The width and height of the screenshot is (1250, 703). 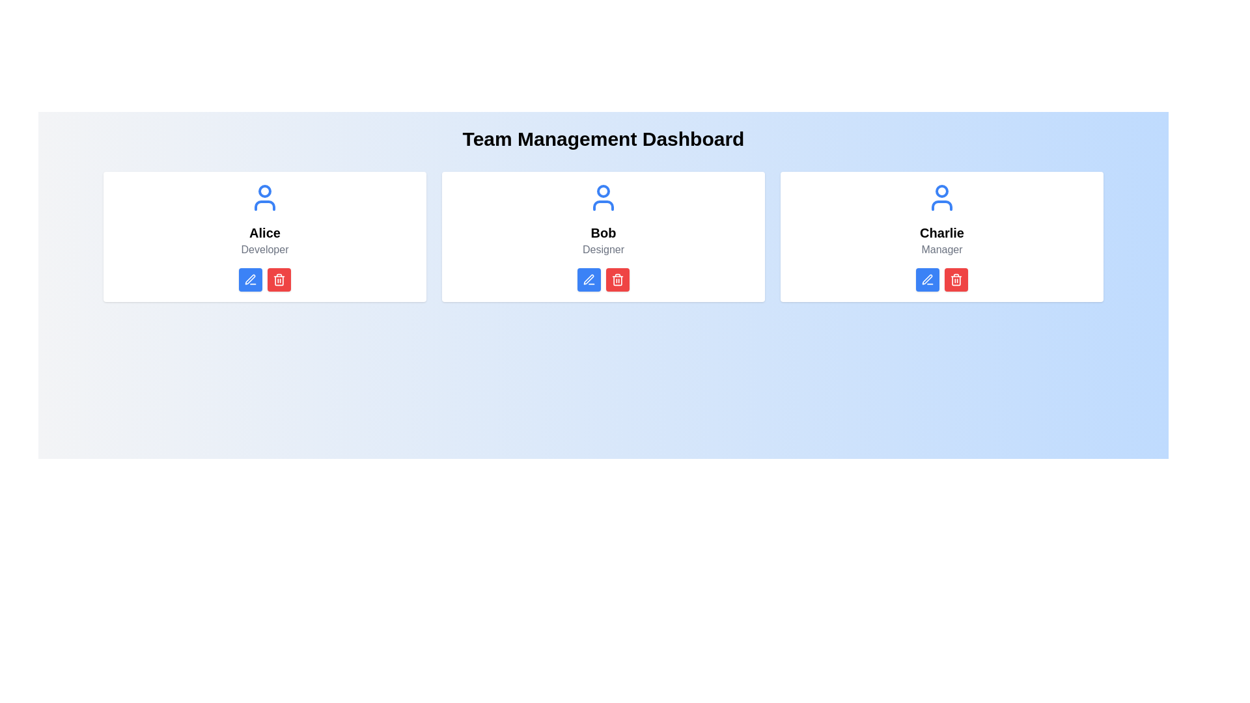 What do you see at coordinates (602, 191) in the screenshot?
I see `the SVG shape representing the head of the user avatar icon in the dashboard labeled 'Bob Designer'` at bounding box center [602, 191].